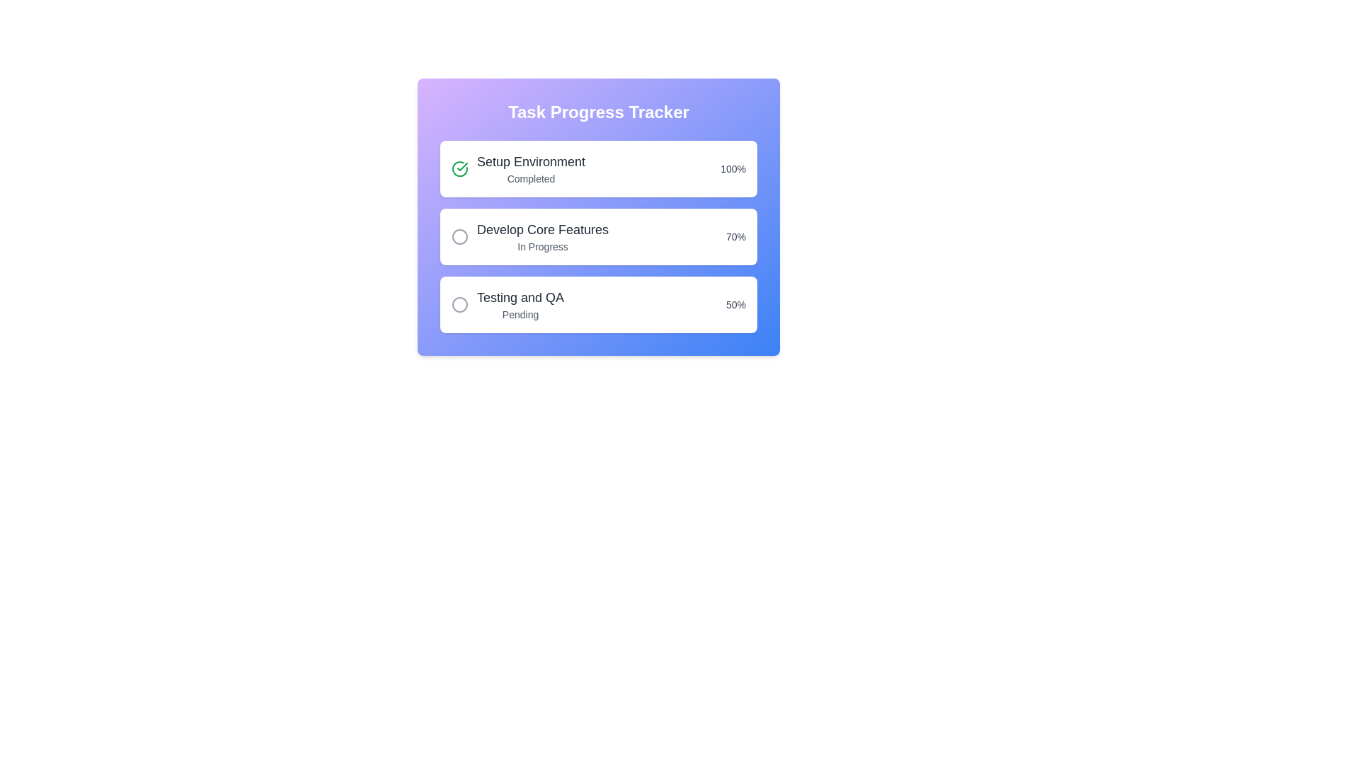 Image resolution: width=1359 pixels, height=764 pixels. Describe the element at coordinates (598, 168) in the screenshot. I see `task details from the Progress Status Card indicating the completion of the 'Setup Environment' task, which is the first item in the vertical list of progress cards` at that location.